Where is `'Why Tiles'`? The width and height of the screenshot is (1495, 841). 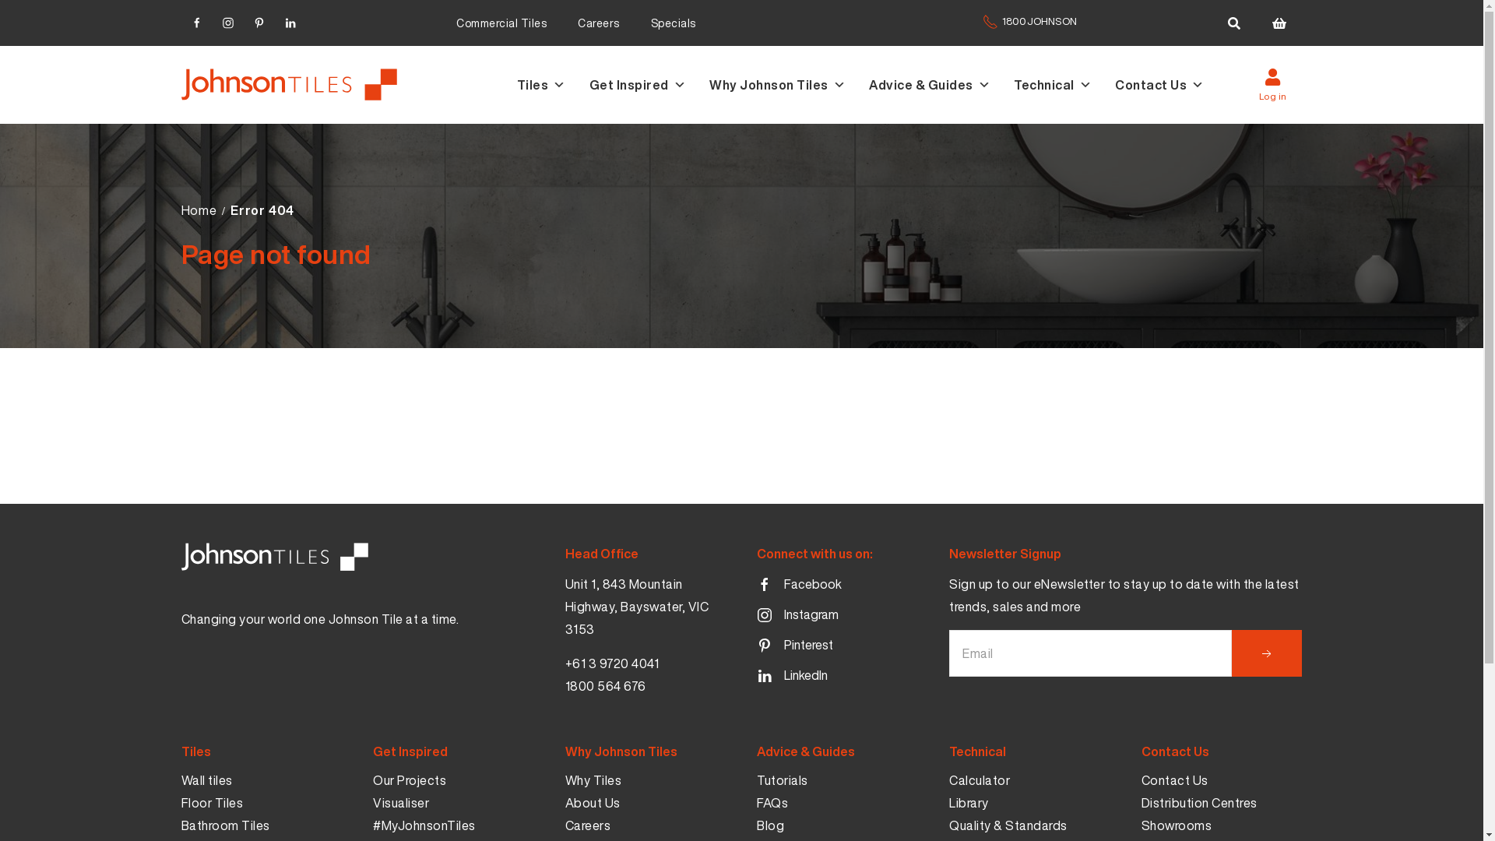
'Why Tiles' is located at coordinates (593, 780).